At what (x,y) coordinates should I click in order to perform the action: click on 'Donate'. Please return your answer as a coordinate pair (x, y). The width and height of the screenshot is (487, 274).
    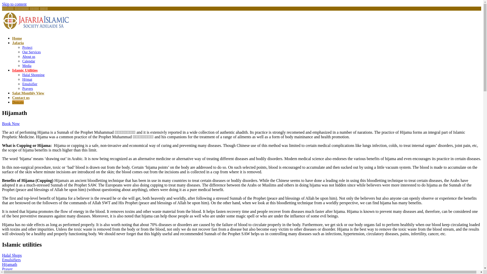
    Looking at the image, I should click on (18, 102).